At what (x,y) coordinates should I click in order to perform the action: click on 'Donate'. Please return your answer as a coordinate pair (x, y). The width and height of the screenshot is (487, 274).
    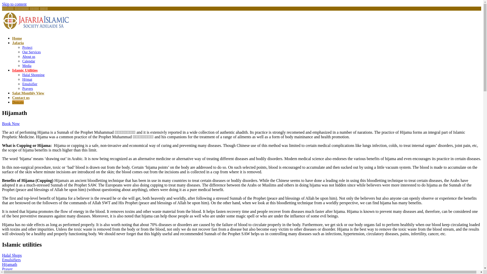
    Looking at the image, I should click on (18, 102).